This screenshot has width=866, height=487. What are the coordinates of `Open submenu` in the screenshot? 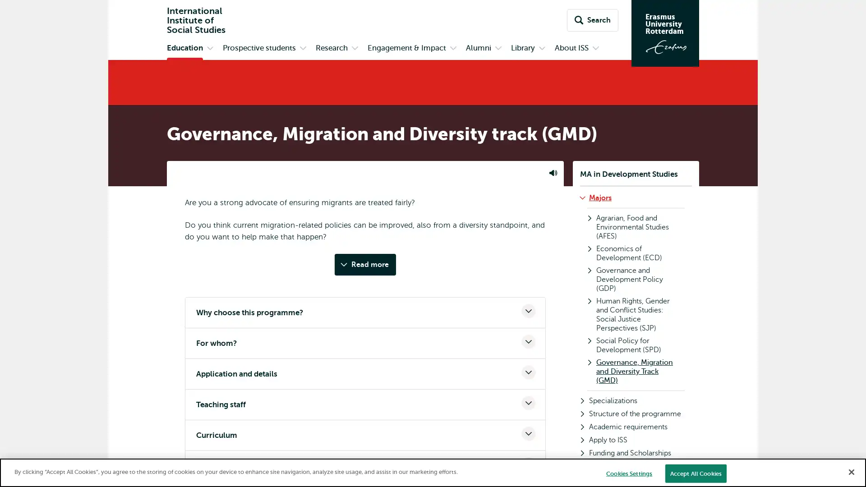 It's located at (595, 49).